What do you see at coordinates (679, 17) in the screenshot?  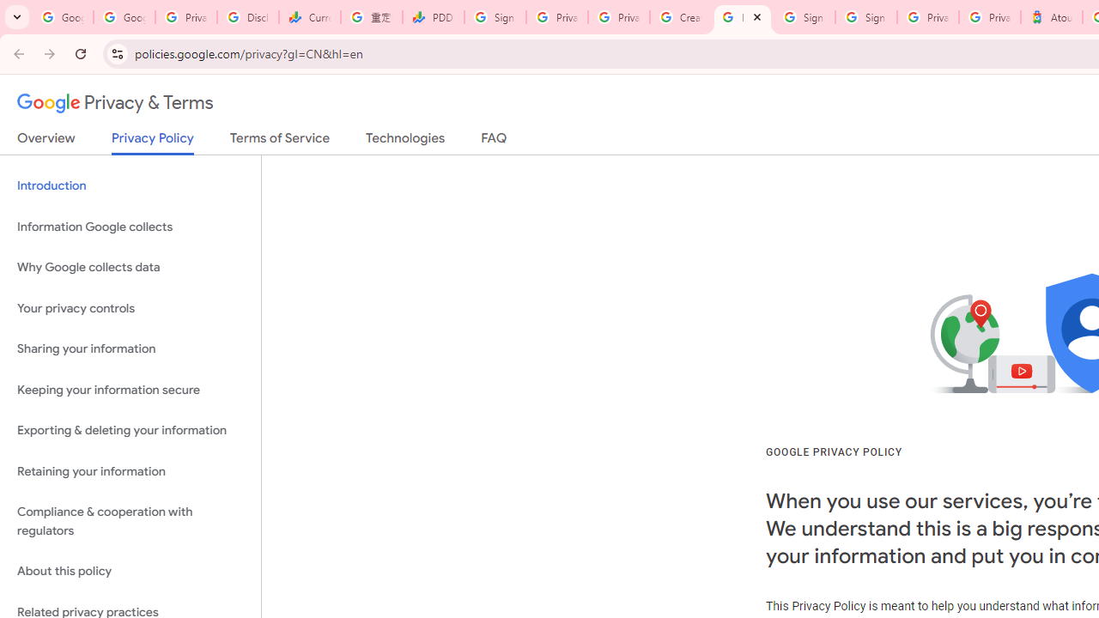 I see `'Create your Google Account'` at bounding box center [679, 17].